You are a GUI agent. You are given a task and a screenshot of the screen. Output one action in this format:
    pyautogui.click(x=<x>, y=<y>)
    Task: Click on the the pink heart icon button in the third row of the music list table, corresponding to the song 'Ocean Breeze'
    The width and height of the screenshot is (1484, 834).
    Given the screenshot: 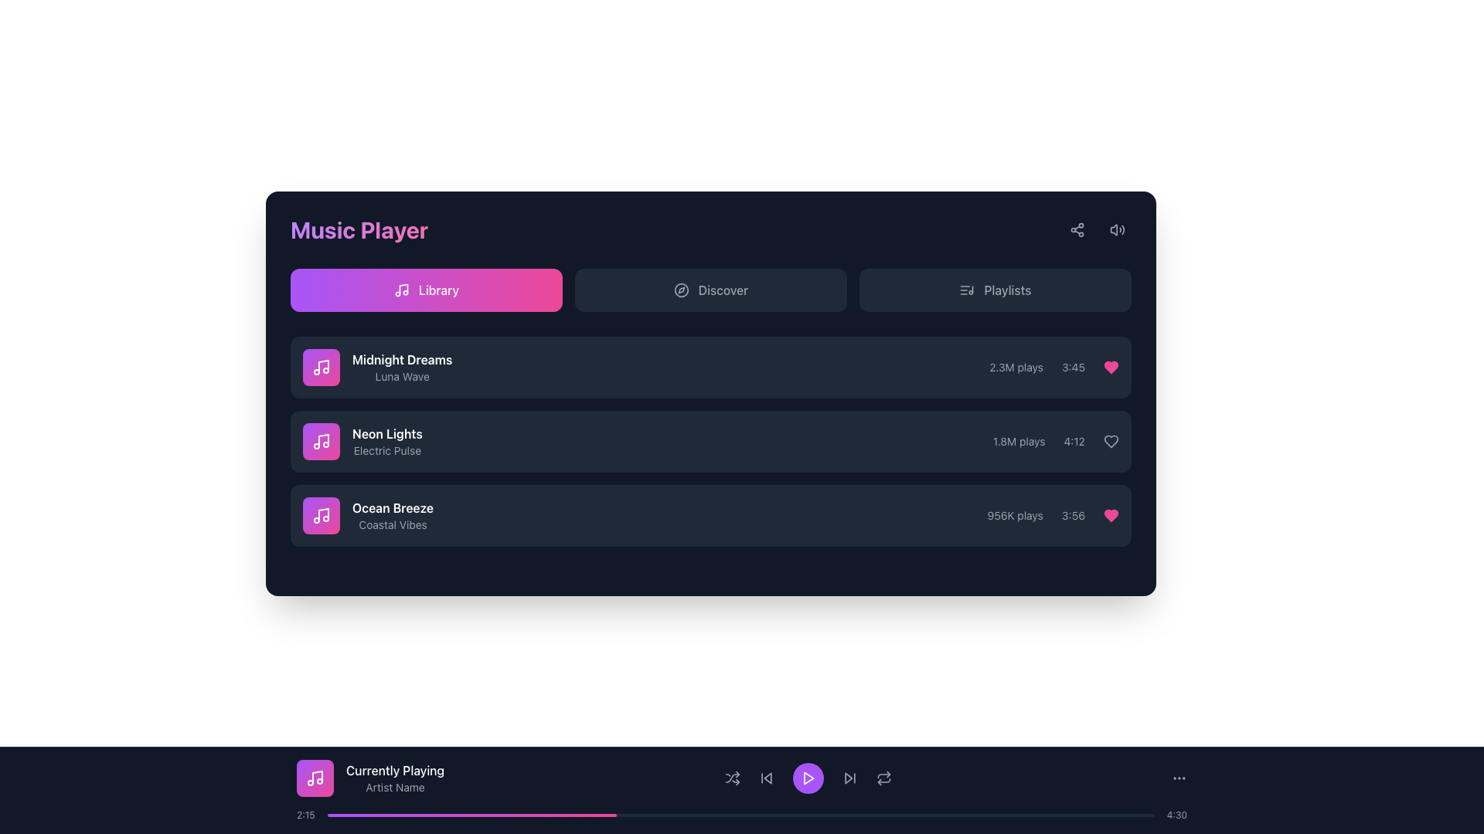 What is the action you would take?
    pyautogui.click(x=1111, y=515)
    